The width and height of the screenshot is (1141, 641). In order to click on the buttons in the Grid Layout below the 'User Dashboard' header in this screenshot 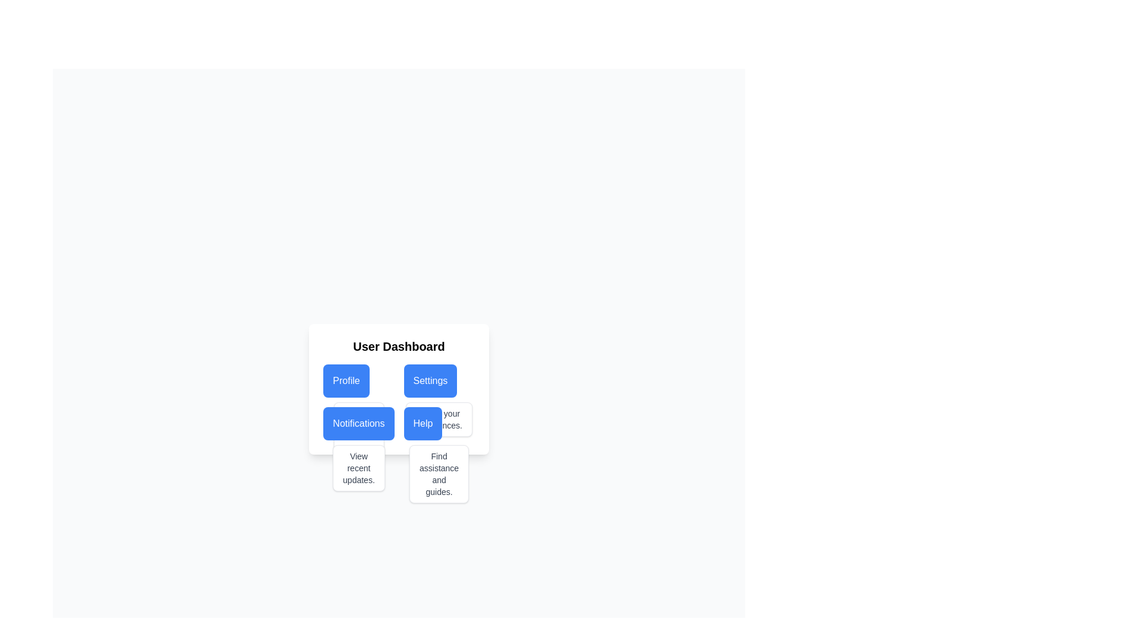, I will do `click(399, 402)`.